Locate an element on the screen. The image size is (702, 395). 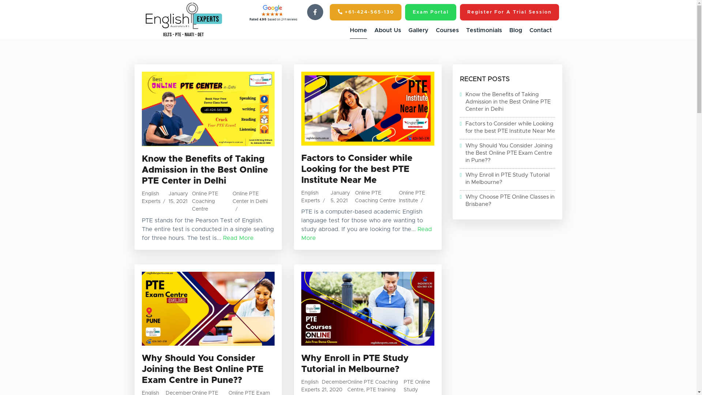
'Gallery' is located at coordinates (418, 30).